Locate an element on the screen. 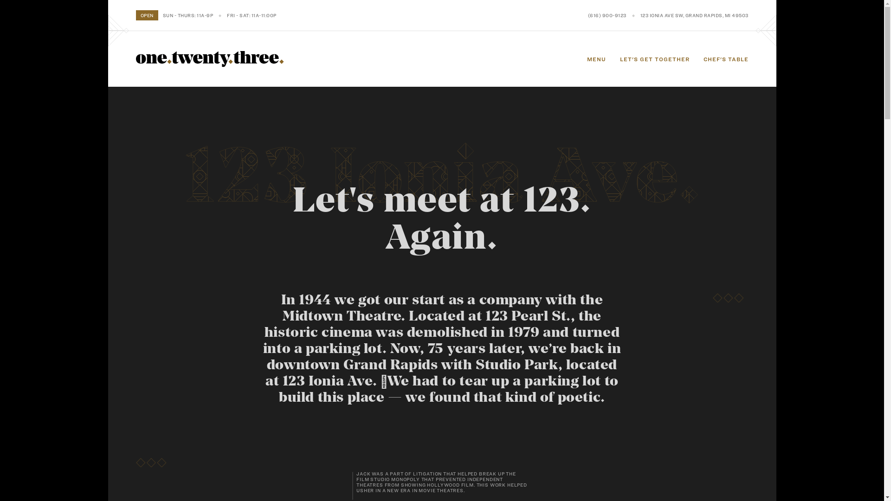 This screenshot has height=501, width=891. 'LET'S GET TOGETHER' is located at coordinates (654, 59).